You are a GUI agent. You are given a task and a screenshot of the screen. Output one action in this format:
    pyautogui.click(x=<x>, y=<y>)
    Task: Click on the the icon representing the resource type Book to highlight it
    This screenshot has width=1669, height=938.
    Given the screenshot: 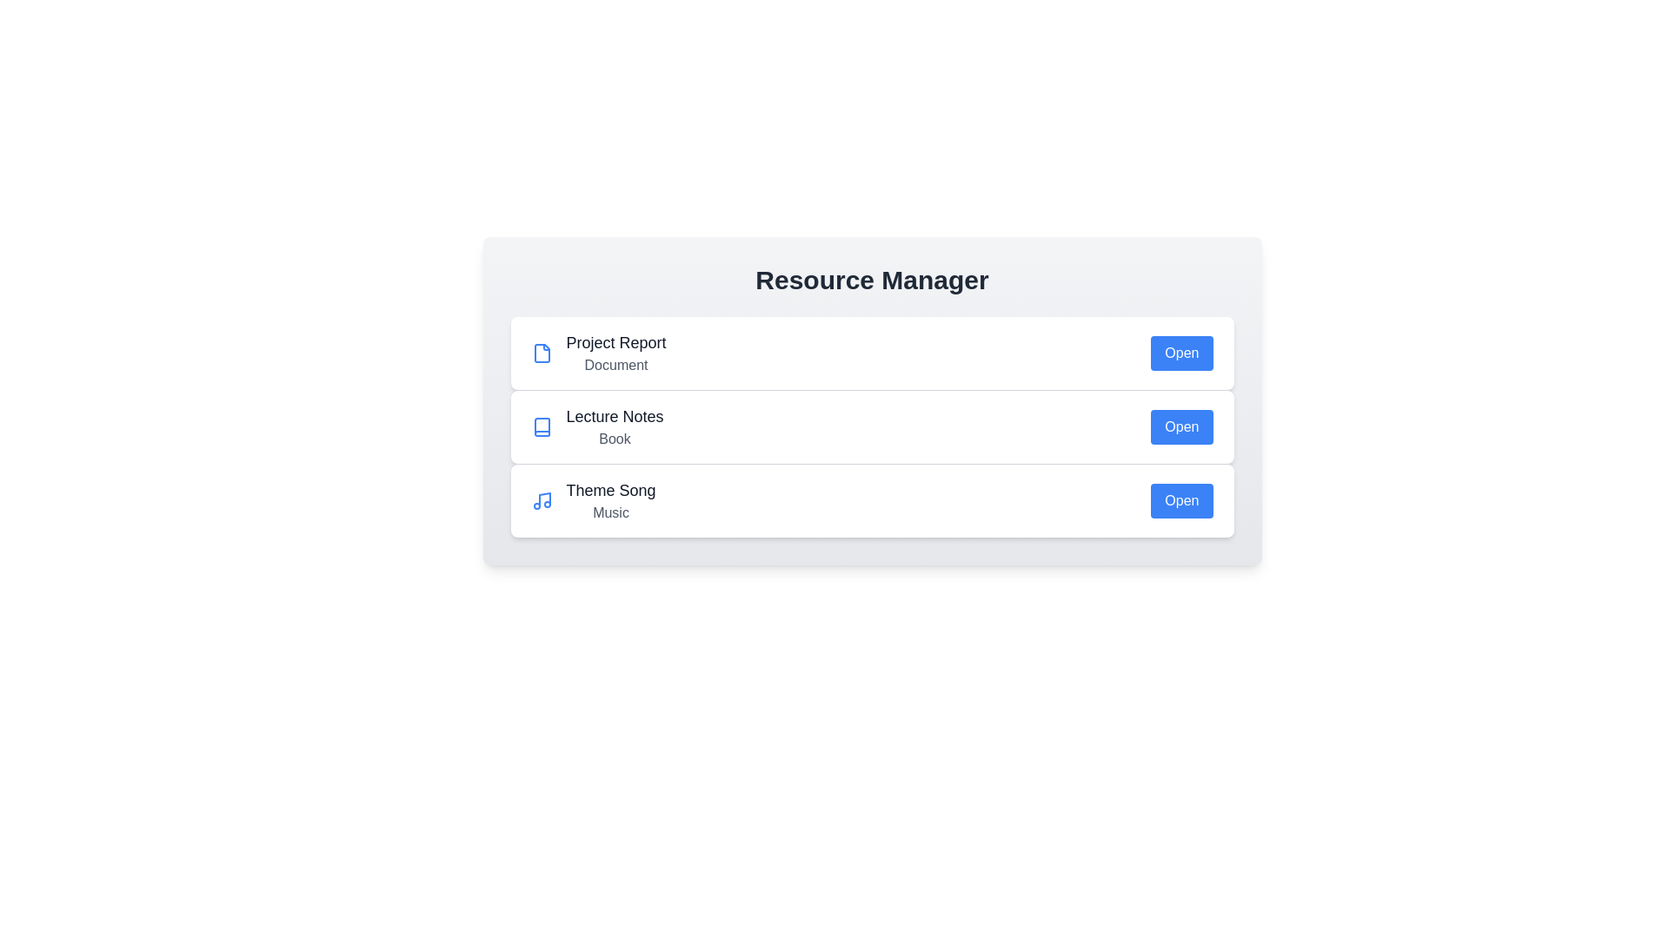 What is the action you would take?
    pyautogui.click(x=541, y=427)
    